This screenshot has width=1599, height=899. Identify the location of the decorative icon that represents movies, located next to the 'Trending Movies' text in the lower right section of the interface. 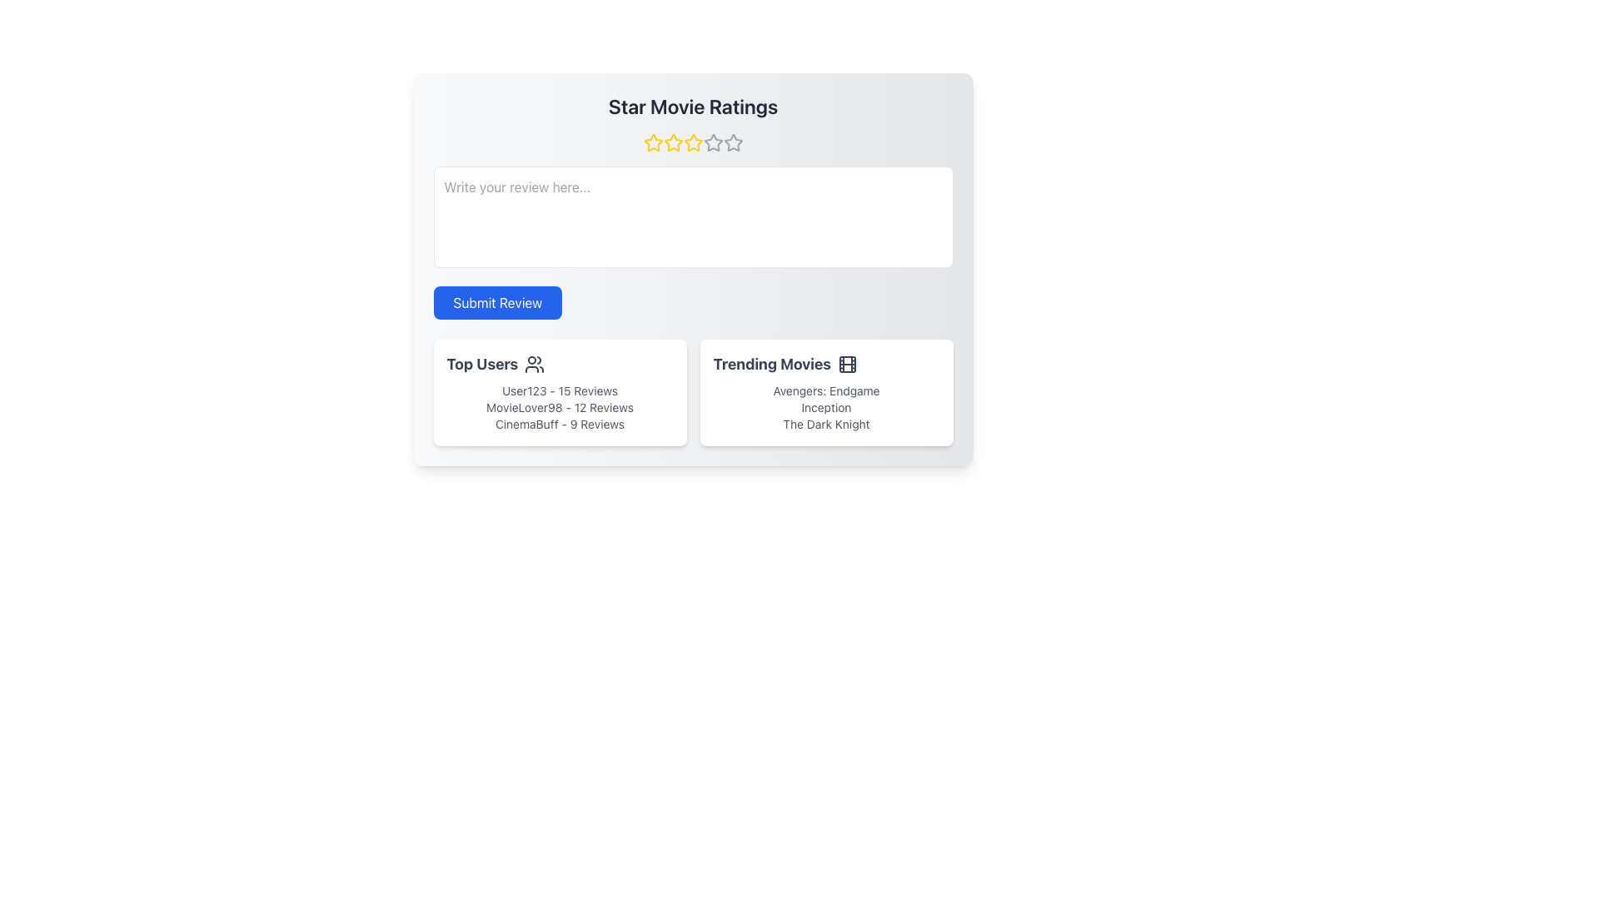
(847, 364).